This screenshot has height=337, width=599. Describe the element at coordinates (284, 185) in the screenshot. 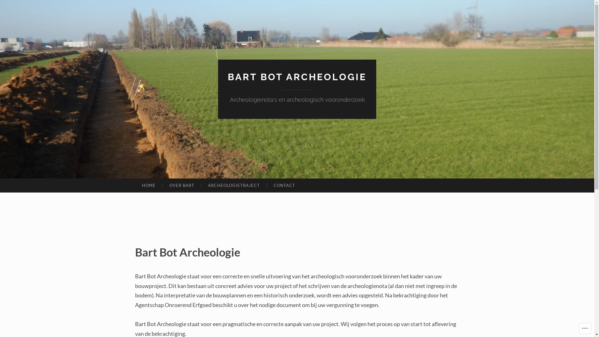

I see `'CONTACT'` at that location.